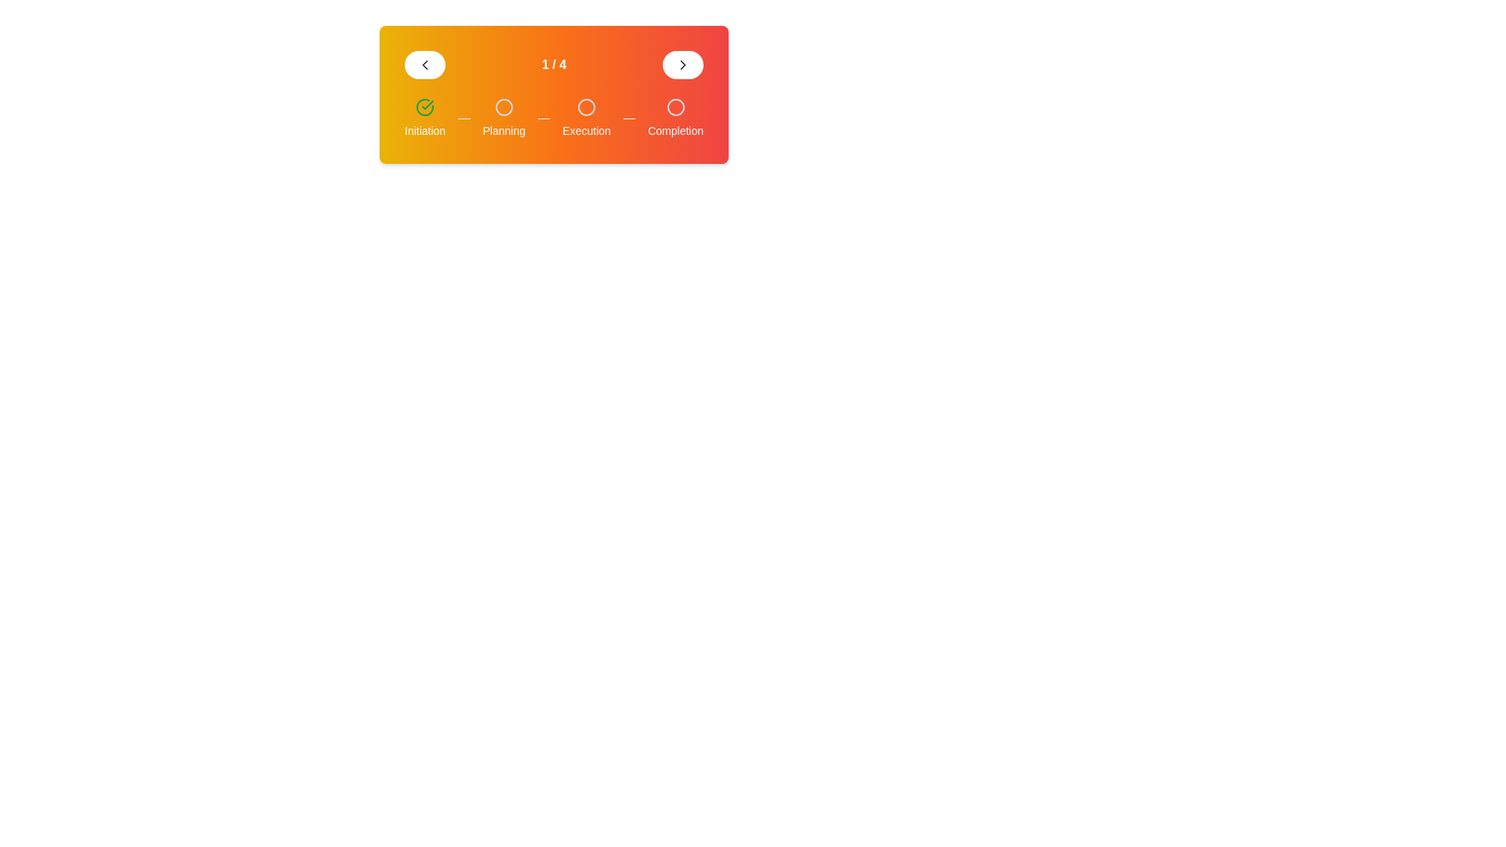 Image resolution: width=1506 pixels, height=847 pixels. Describe the element at coordinates (504, 129) in the screenshot. I see `the label text displaying 'Planning', which is positioned below the second circular icon in a workflow diagram, centrally aligned with the icon` at that location.